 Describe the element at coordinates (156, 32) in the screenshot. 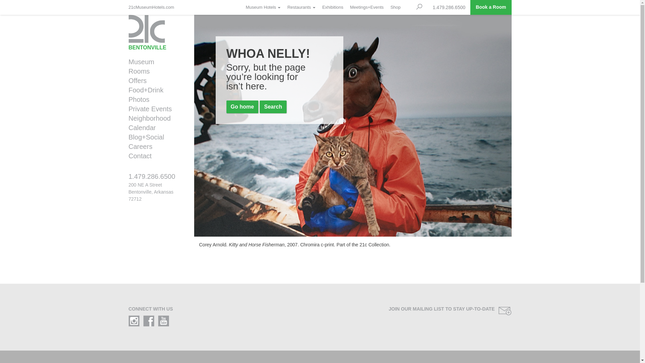

I see `'BENTONVILLE'` at that location.